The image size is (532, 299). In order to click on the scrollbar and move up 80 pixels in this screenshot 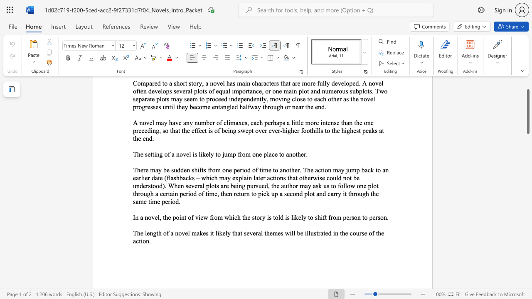, I will do `click(527, 111)`.